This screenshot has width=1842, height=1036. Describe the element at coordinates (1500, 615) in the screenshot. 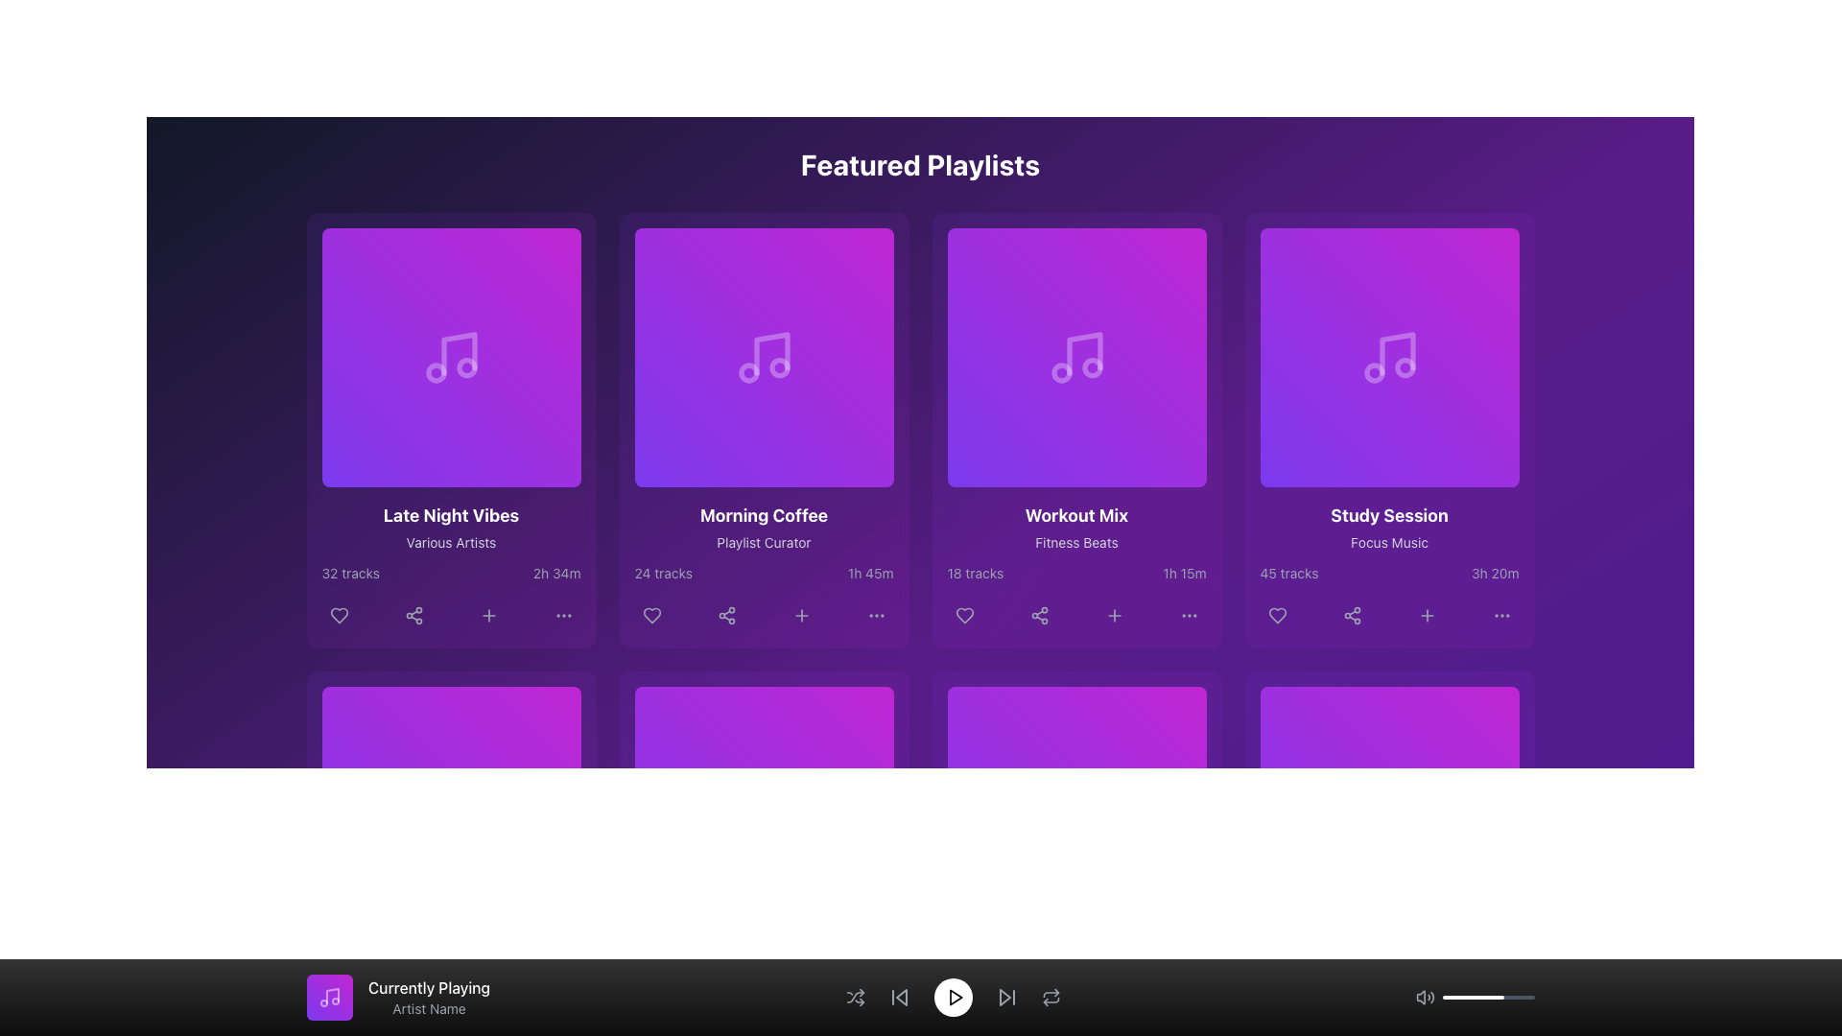

I see `the menu toggle button located at the bottom-right corner of the 'Study Session' card to observe the color change` at that location.